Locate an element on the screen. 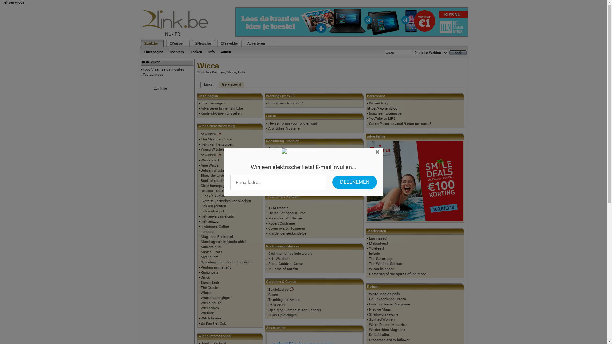 The height and width of the screenshot is (344, 612). 'Spiral Goddess Grove' is located at coordinates (285, 264).